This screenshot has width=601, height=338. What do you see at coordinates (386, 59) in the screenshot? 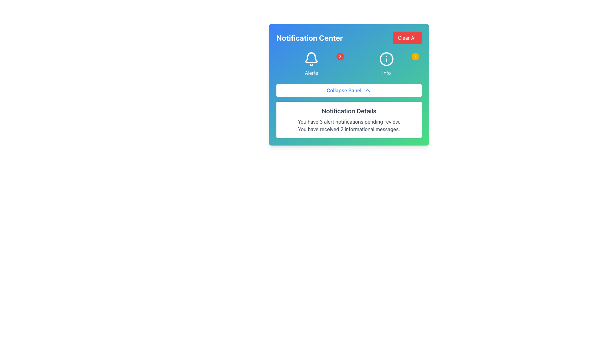
I see `the circular icon with an outlined circle containing the letter 'i' located in the notification panel at the top-right region, which is the second icon from the left` at bounding box center [386, 59].